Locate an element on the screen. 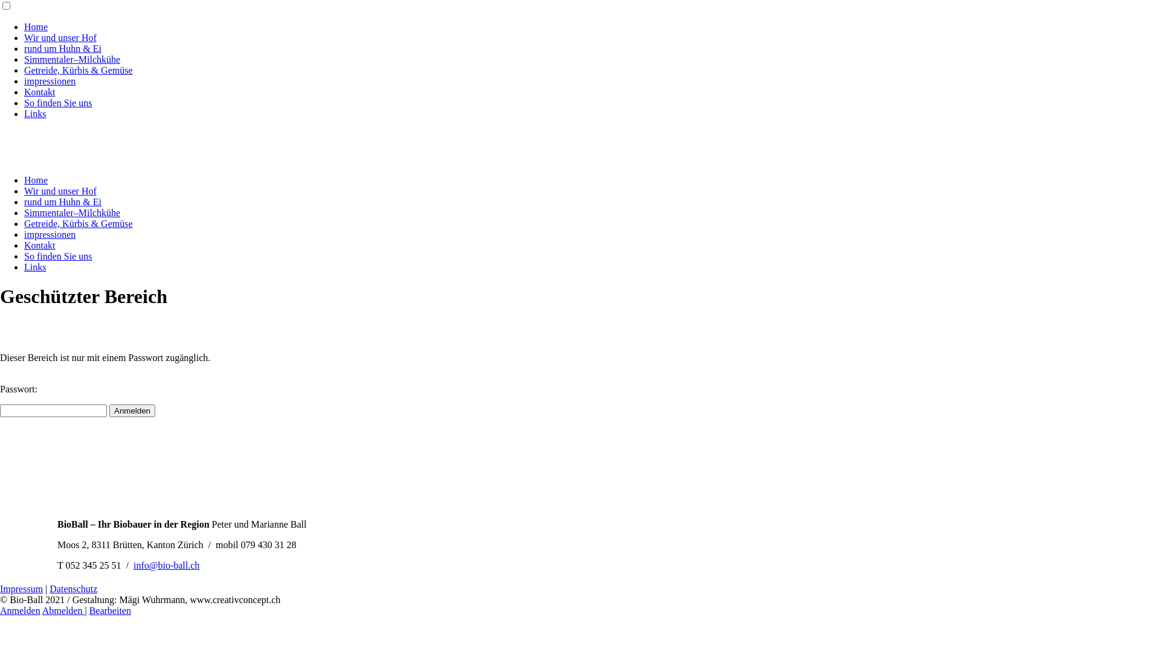 The height and width of the screenshot is (652, 1160). 'Kontakt' is located at coordinates (40, 91).